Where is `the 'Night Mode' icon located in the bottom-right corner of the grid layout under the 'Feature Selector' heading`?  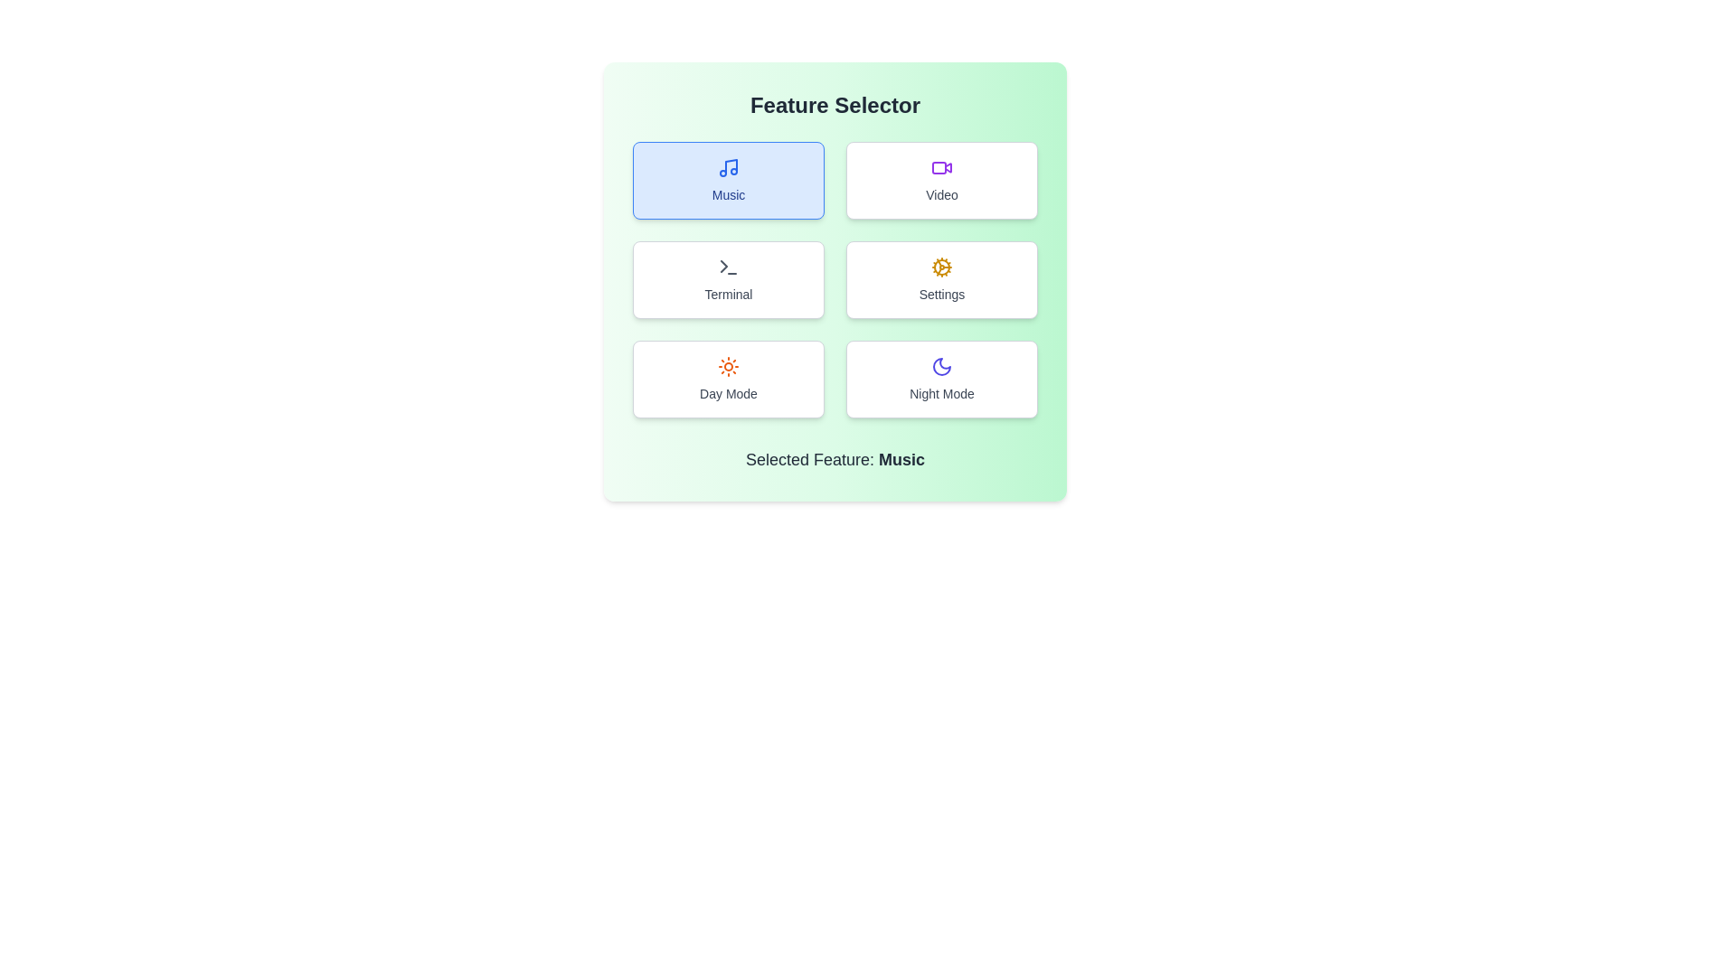
the 'Night Mode' icon located in the bottom-right corner of the grid layout under the 'Feature Selector' heading is located at coordinates (940, 366).